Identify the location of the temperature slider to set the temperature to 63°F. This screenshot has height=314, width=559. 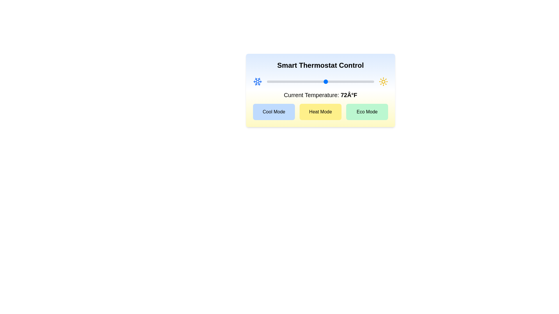
(302, 82).